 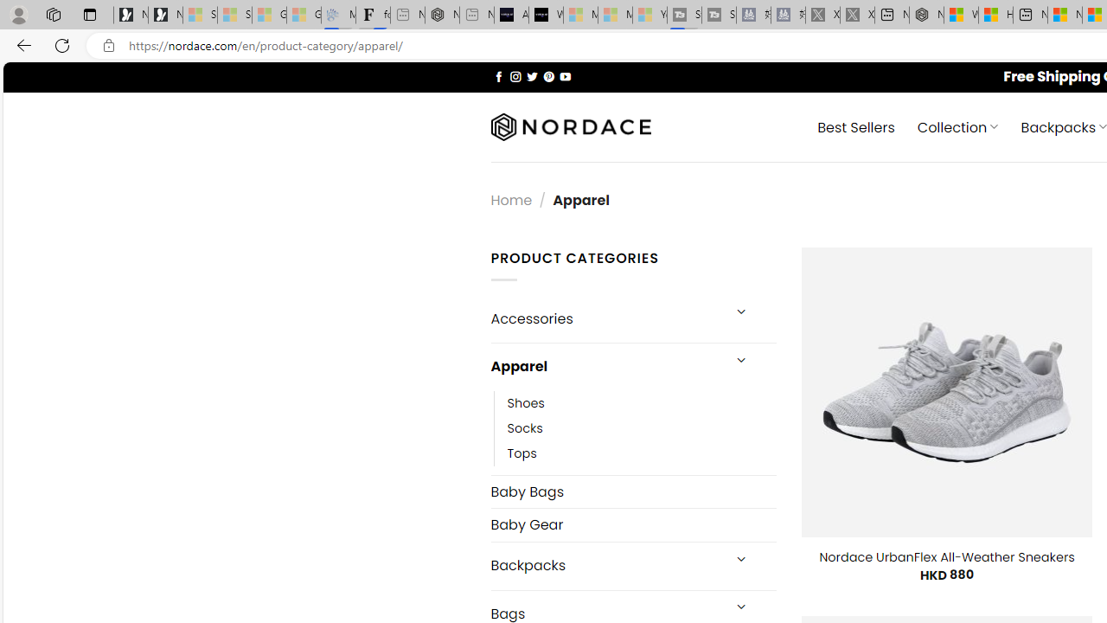 What do you see at coordinates (856, 125) in the screenshot?
I see `' Best Sellers'` at bounding box center [856, 125].